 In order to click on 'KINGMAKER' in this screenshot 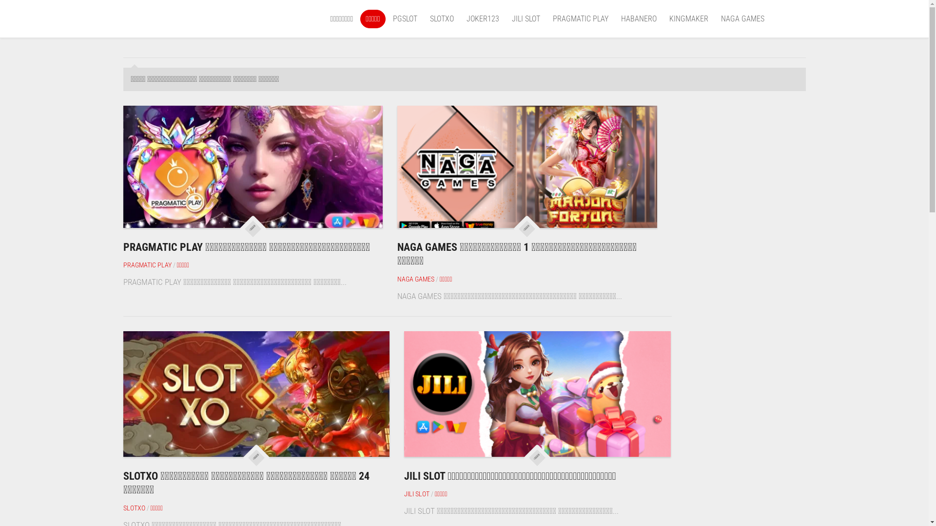, I will do `click(687, 19)`.